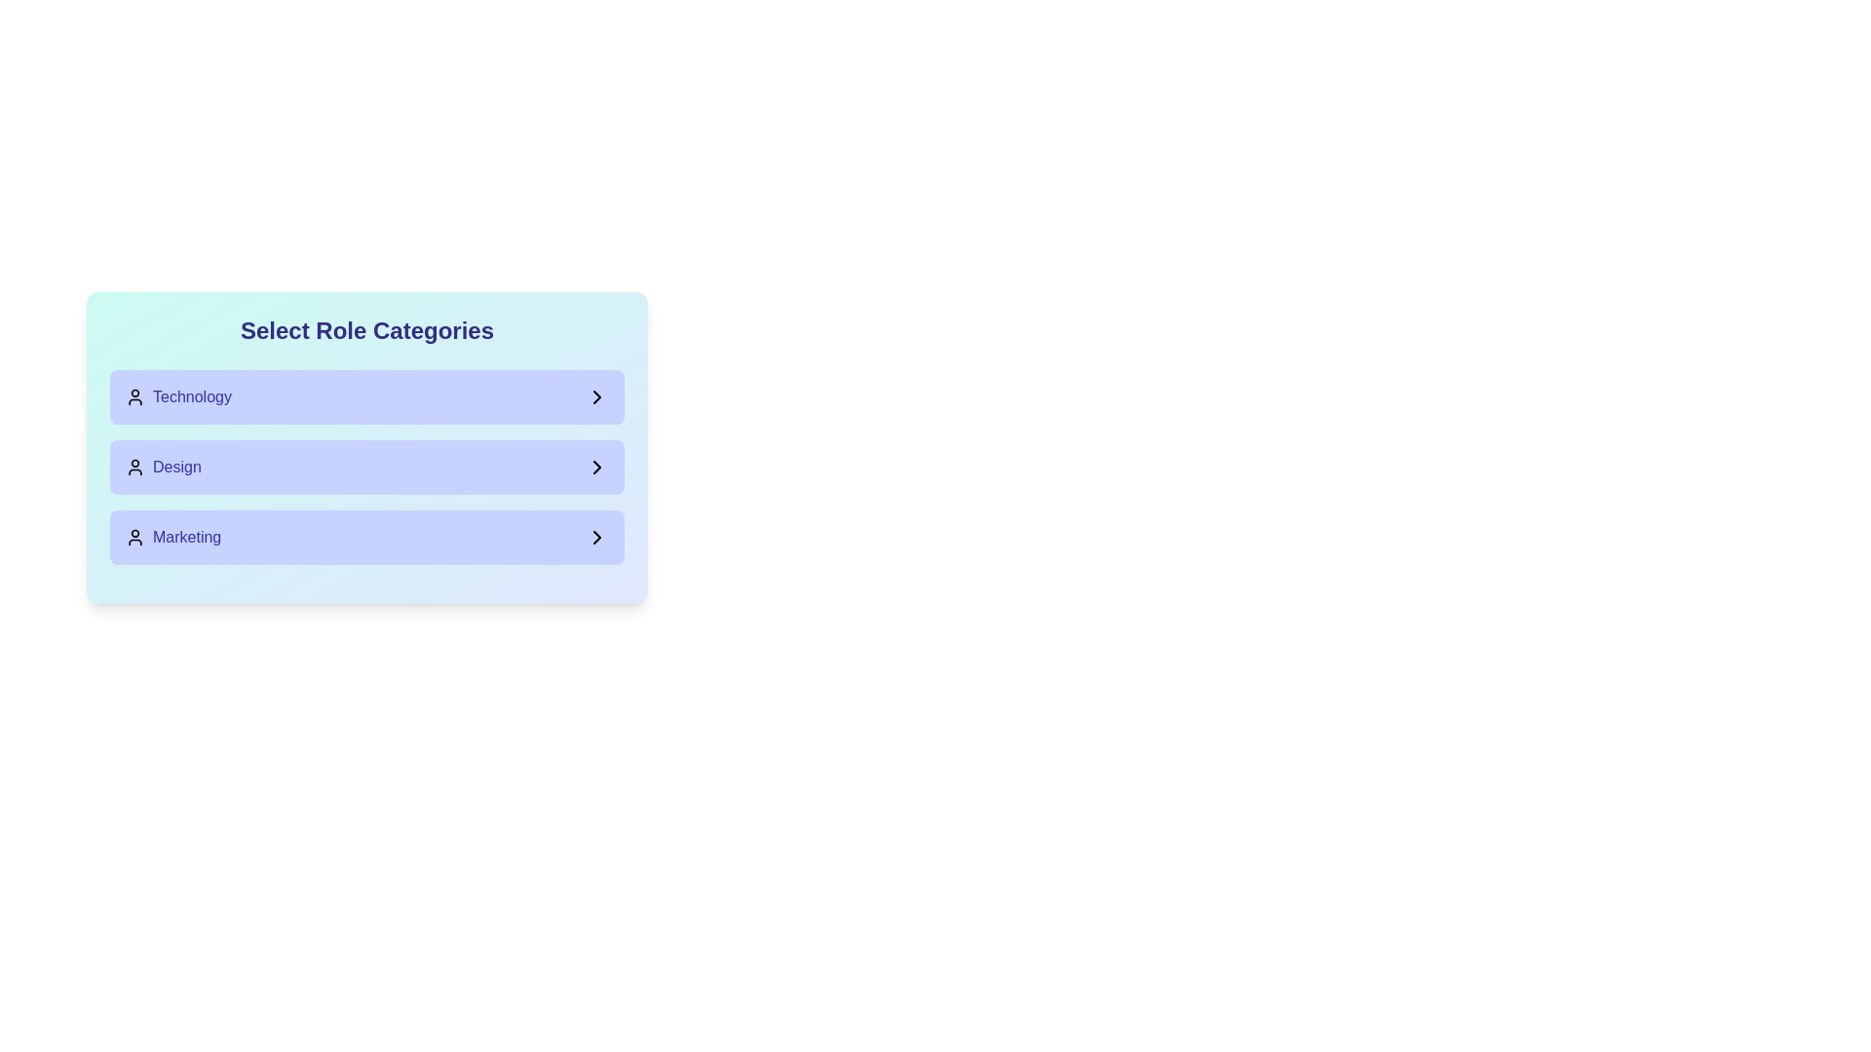 The image size is (1871, 1052). Describe the element at coordinates (596, 467) in the screenshot. I see `the chevron icon located at the far-right end of the 'Design' list item row under the 'Select Role Categories' section to proceed to a new page or view` at that location.